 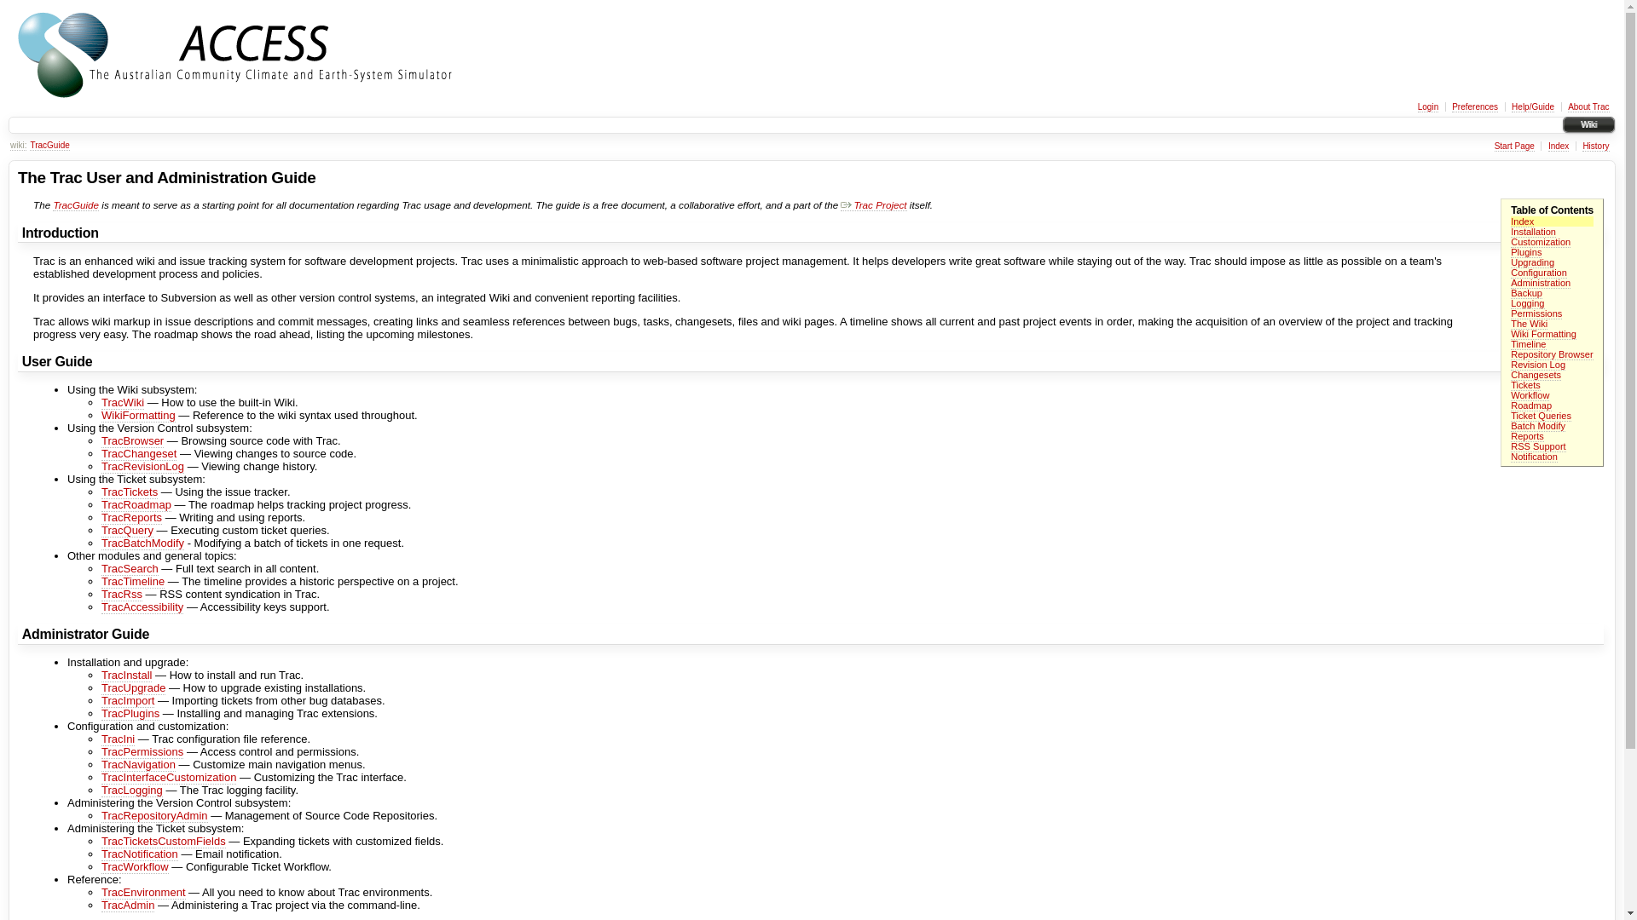 I want to click on 'Customization', so click(x=1540, y=242).